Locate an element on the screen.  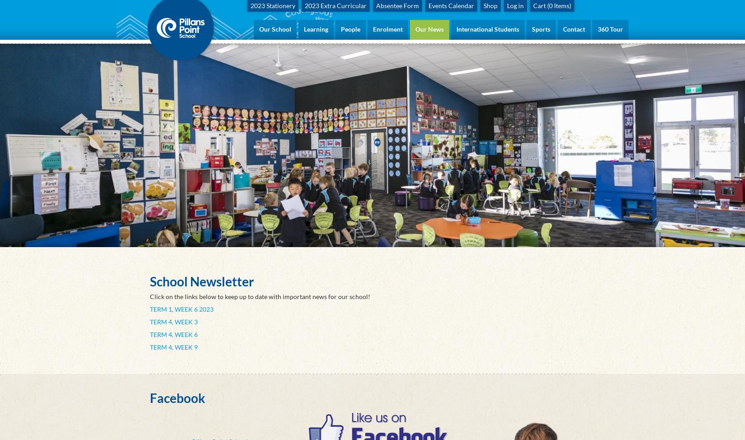
'Contact' is located at coordinates (573, 29).